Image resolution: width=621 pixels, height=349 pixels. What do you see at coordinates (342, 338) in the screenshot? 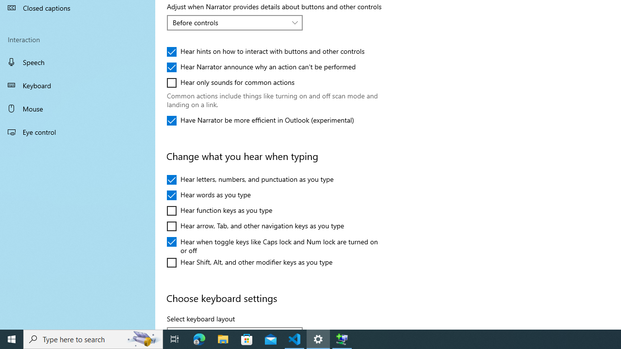
I see `'Extensible Wizards Host Process - 1 running window'` at bounding box center [342, 338].